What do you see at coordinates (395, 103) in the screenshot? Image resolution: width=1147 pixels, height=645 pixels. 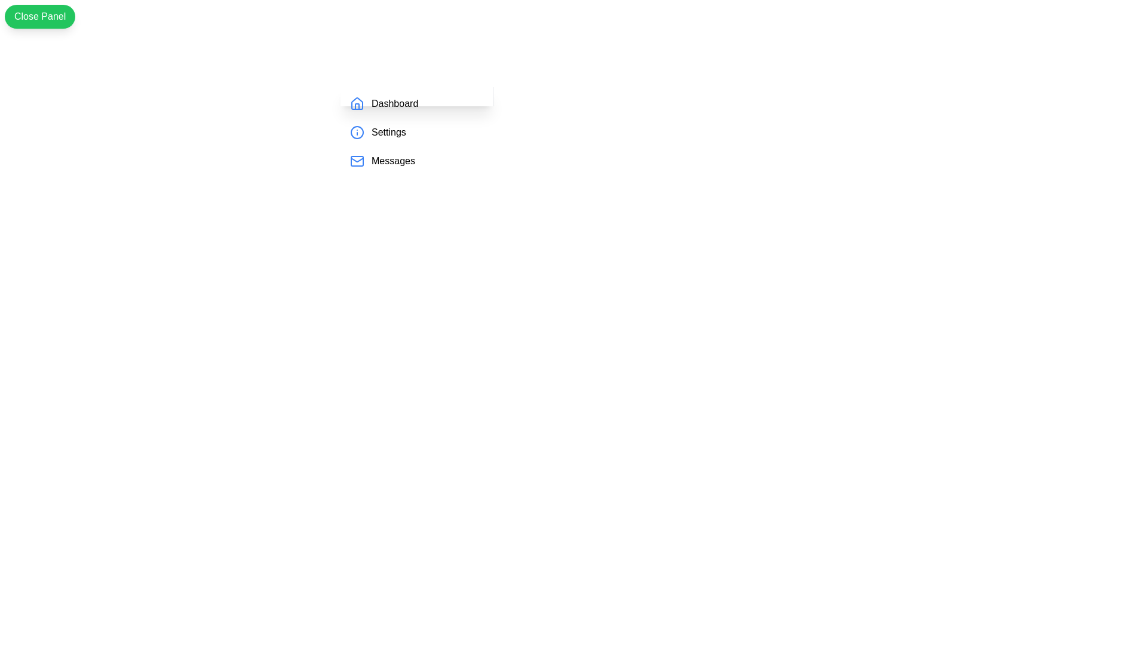 I see `the 'Dashboard' menu item` at bounding box center [395, 103].